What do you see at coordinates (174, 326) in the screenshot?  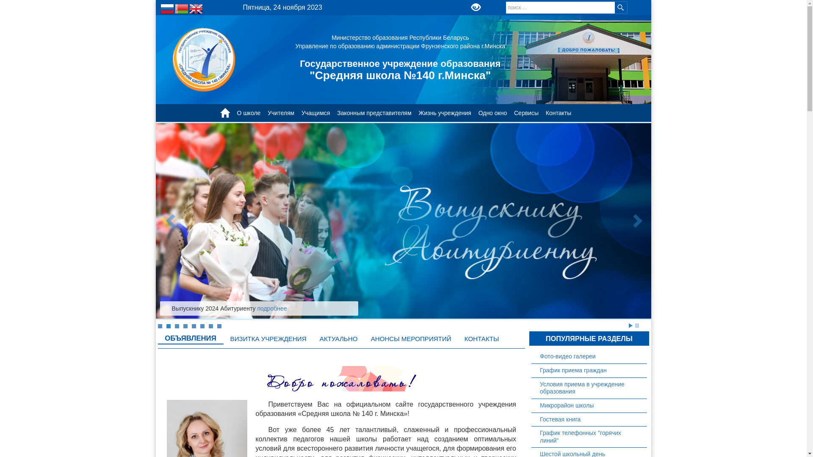 I see `'3'` at bounding box center [174, 326].